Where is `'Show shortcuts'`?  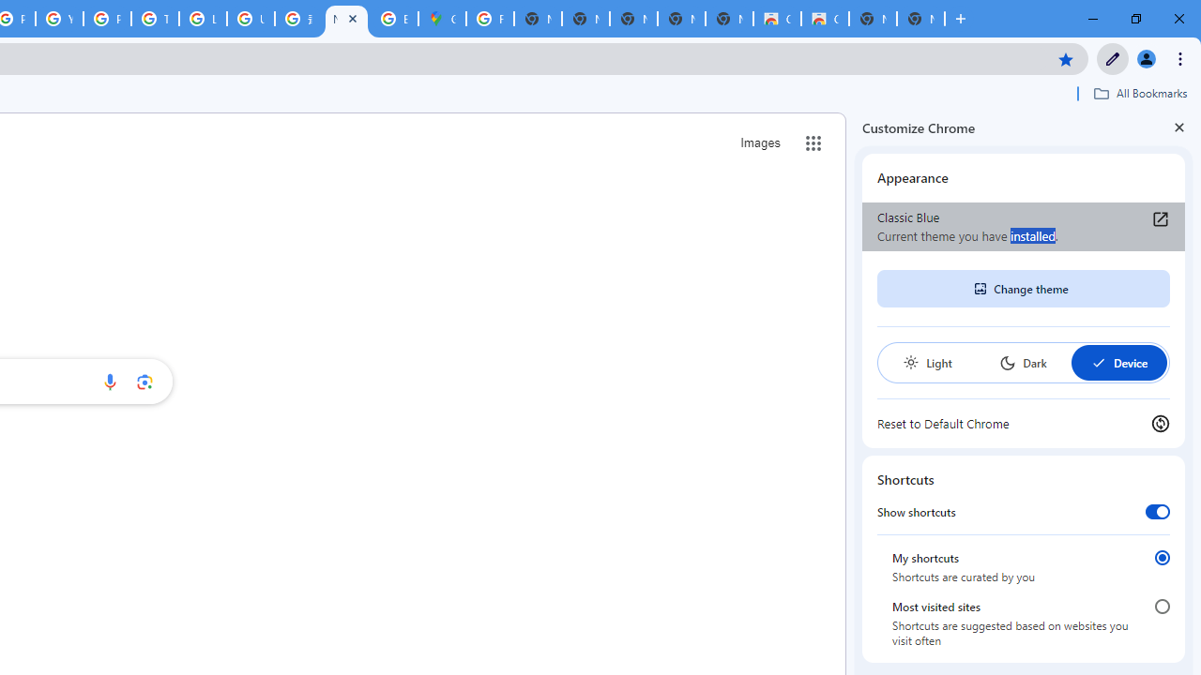
'Show shortcuts' is located at coordinates (1156, 511).